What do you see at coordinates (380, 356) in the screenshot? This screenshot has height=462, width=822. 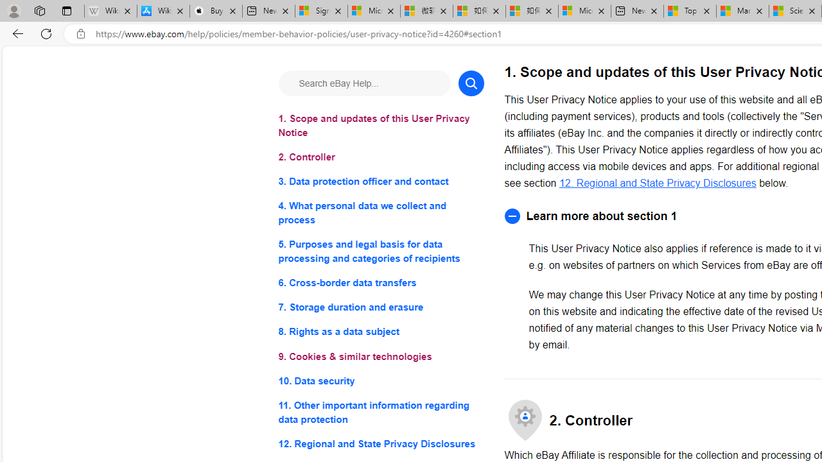 I see `'9. Cookies & similar technologies'` at bounding box center [380, 356].